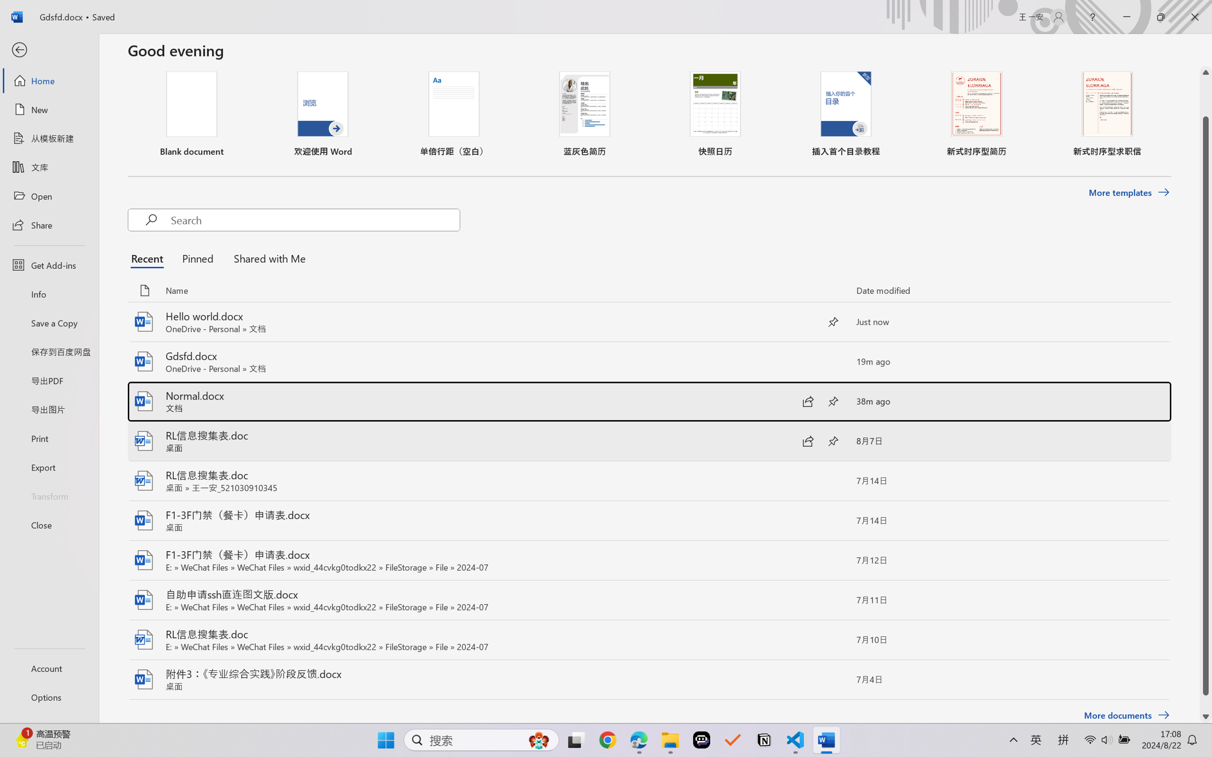  I want to click on 'Pinned', so click(197, 258).